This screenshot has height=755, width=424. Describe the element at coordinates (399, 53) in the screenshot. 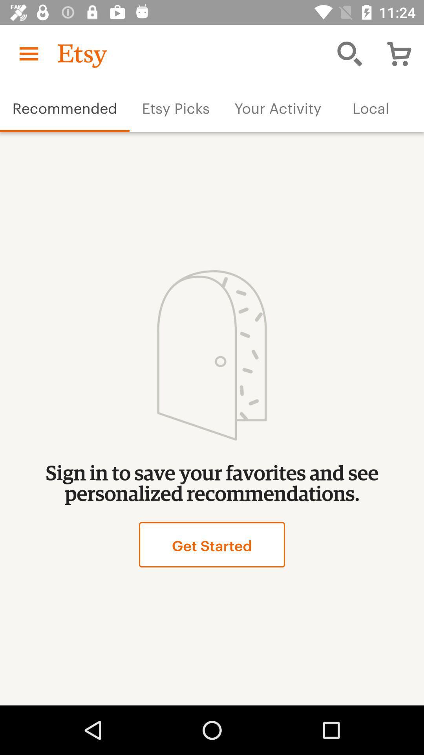

I see `the shopping cart icon` at that location.